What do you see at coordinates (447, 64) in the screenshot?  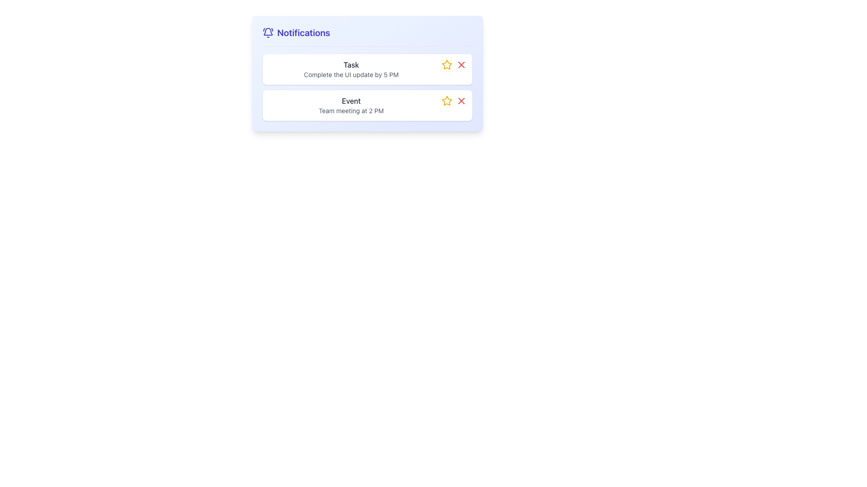 I see `the small star icon with a yellow outline located at the right side of the notification card labeled 'Event'` at bounding box center [447, 64].